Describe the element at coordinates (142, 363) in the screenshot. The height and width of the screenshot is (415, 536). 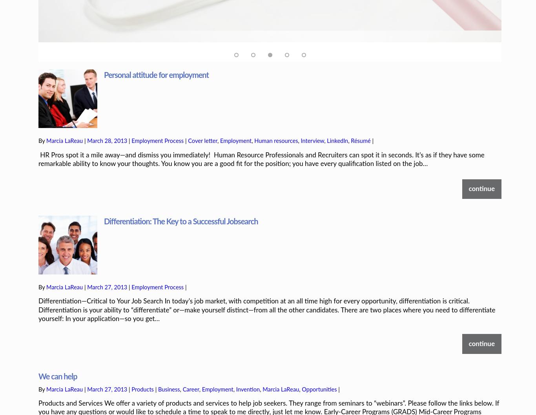
I see `'Products'` at that location.